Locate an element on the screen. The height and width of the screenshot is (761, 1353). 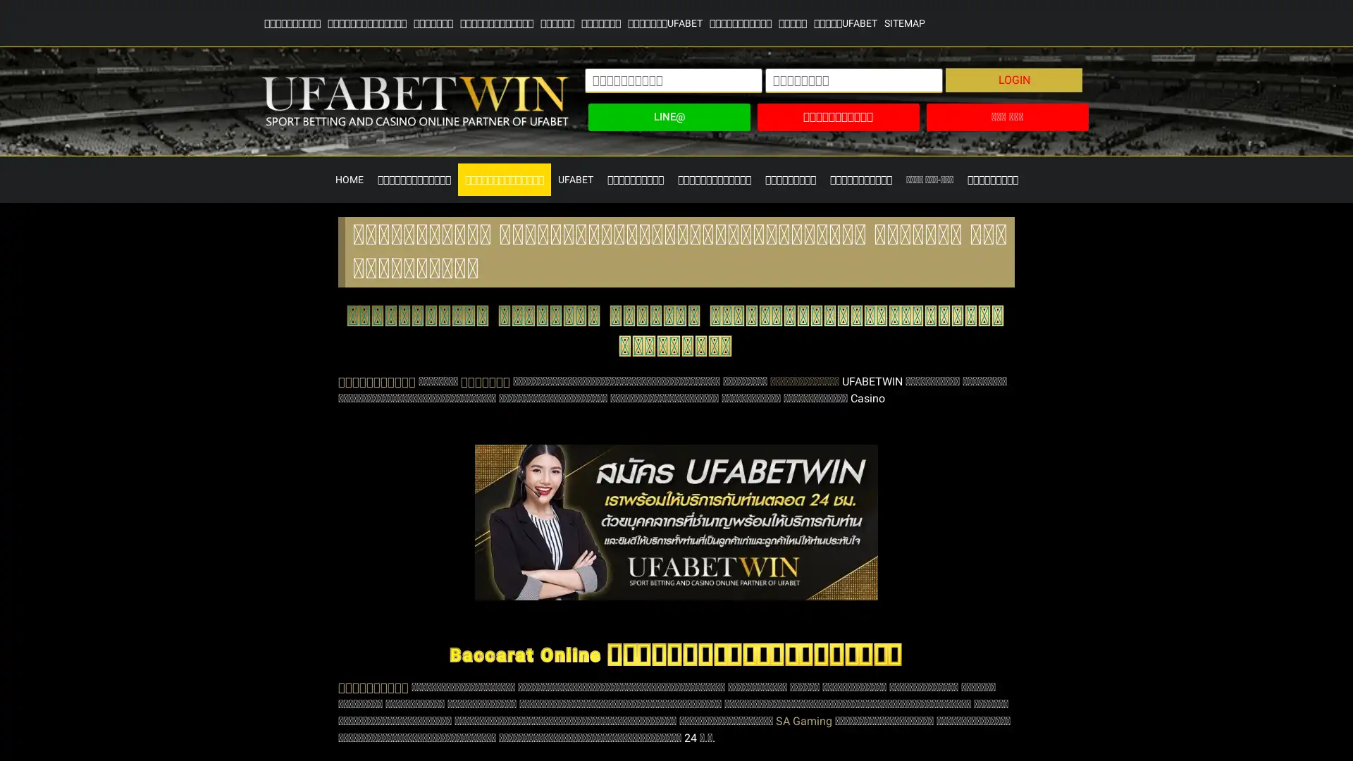
LINE@ is located at coordinates (668, 116).